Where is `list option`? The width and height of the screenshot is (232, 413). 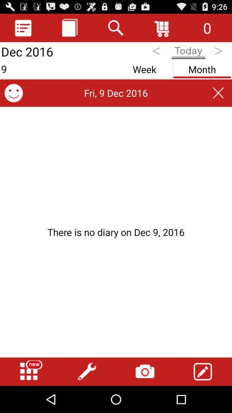
list option is located at coordinates (23, 28).